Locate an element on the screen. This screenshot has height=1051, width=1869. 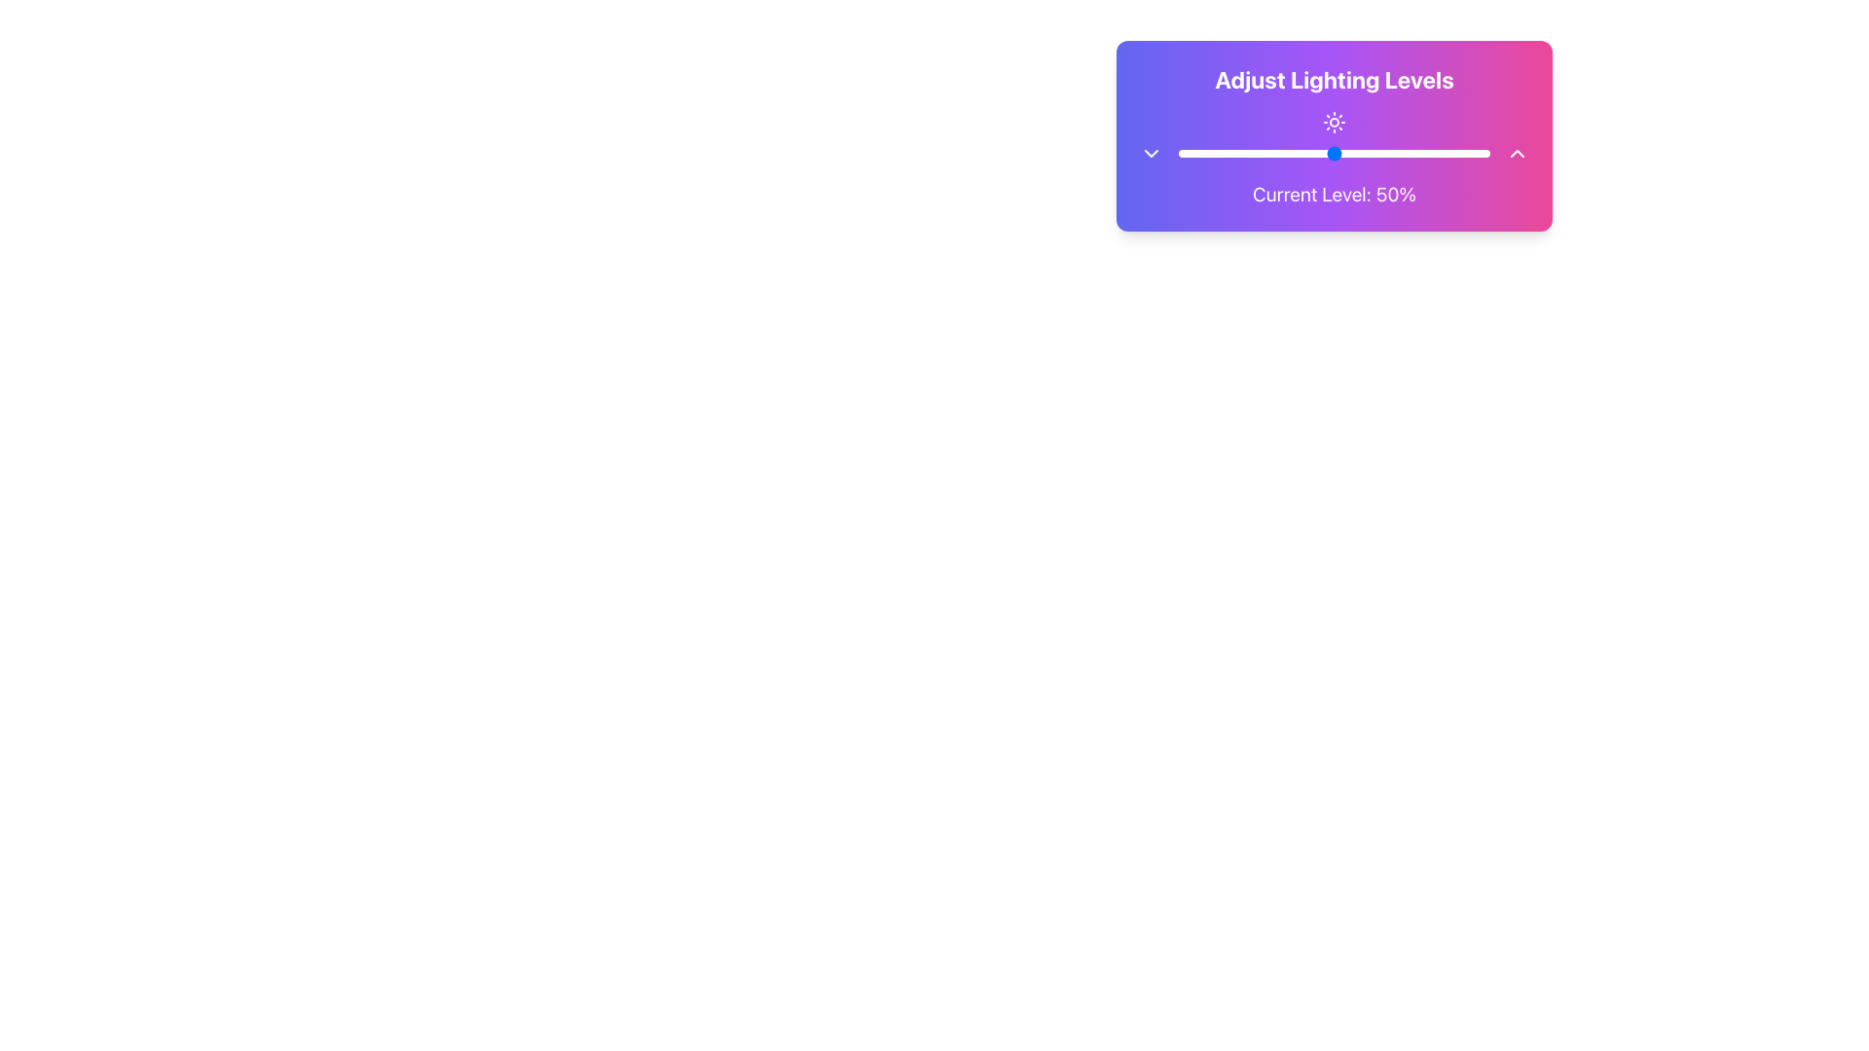
the lighting level is located at coordinates (1485, 153).